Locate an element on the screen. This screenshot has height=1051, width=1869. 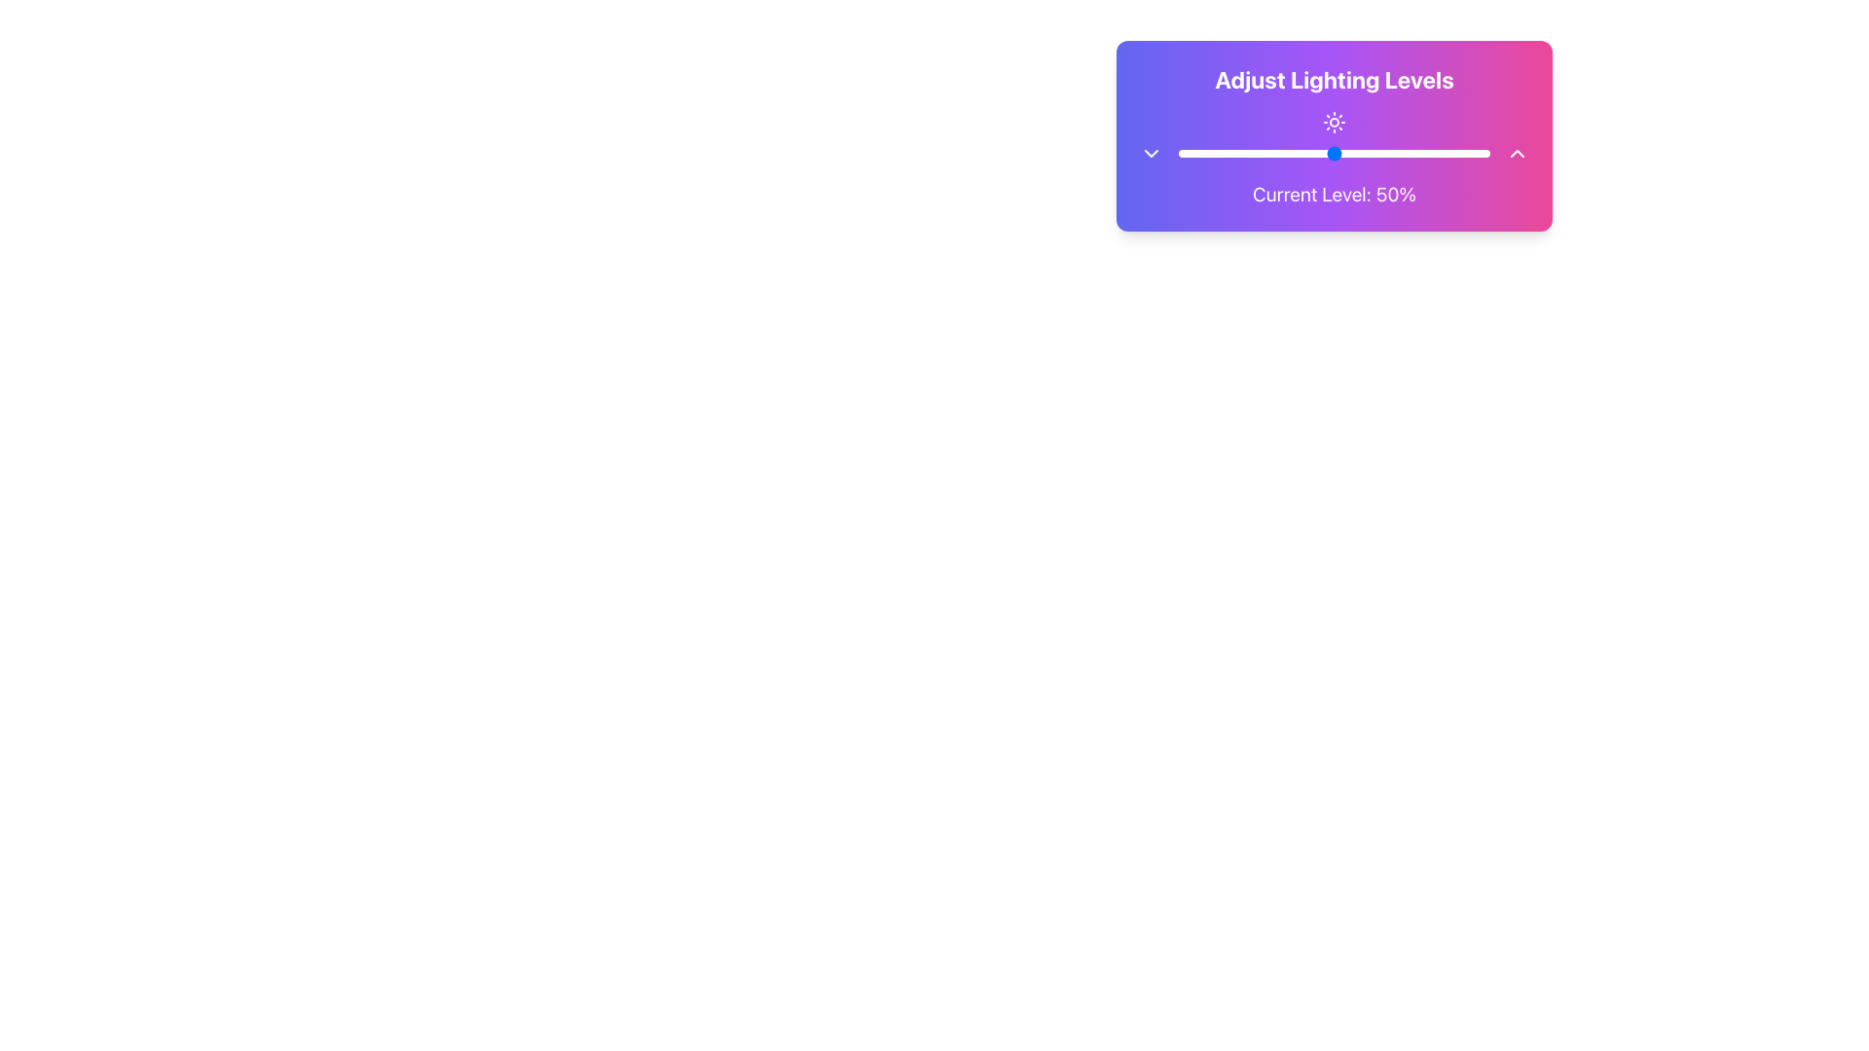
the lighting level is located at coordinates (1485, 153).